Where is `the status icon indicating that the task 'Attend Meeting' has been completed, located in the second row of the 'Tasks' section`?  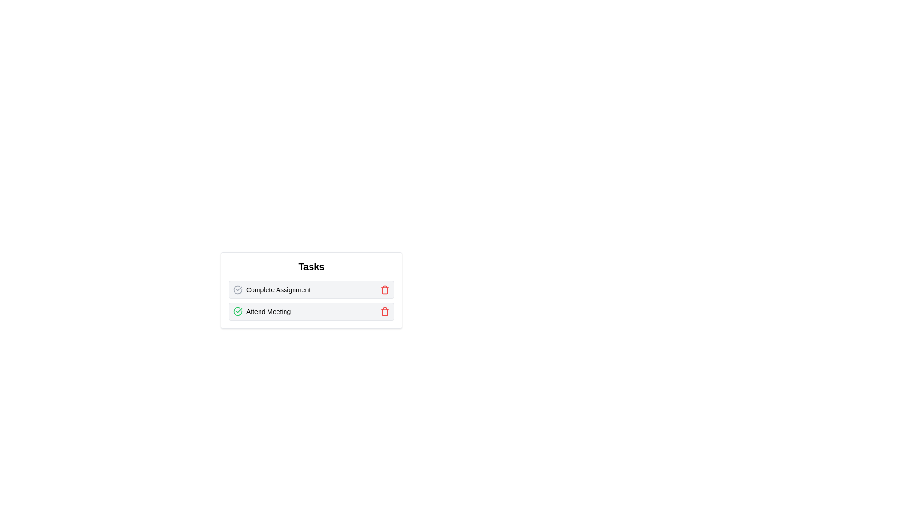 the status icon indicating that the task 'Attend Meeting' has been completed, located in the second row of the 'Tasks' section is located at coordinates (238, 311).